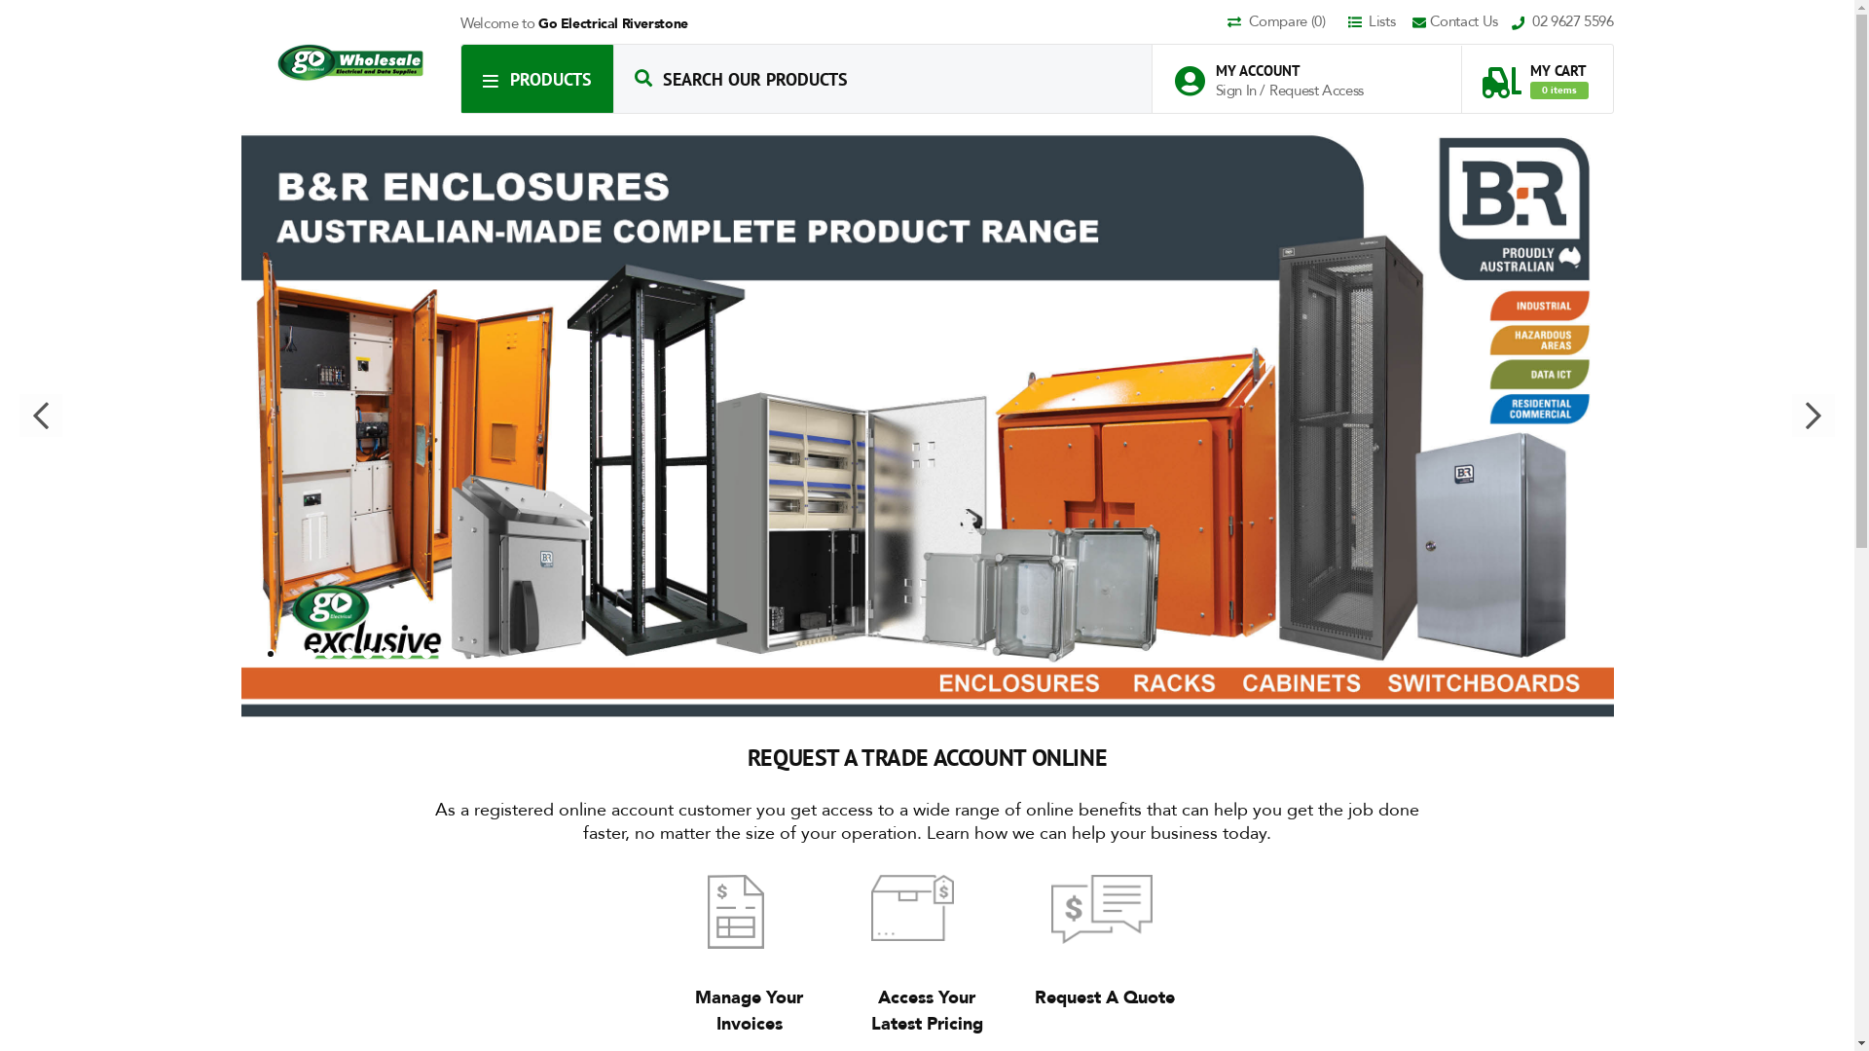 This screenshot has height=1051, width=1869. I want to click on '5', so click(327, 653).